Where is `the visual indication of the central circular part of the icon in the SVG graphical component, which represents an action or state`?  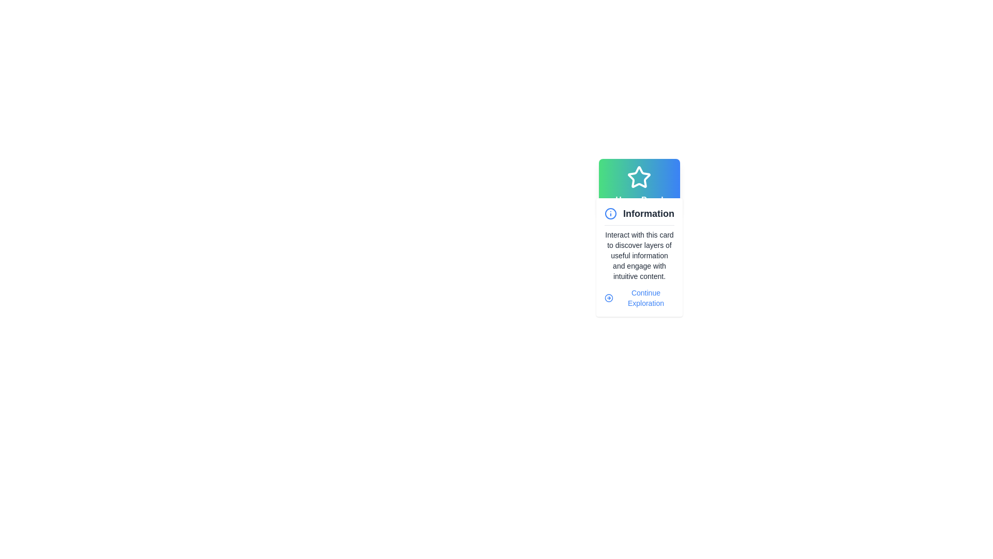 the visual indication of the central circular part of the icon in the SVG graphical component, which represents an action or state is located at coordinates (609, 298).